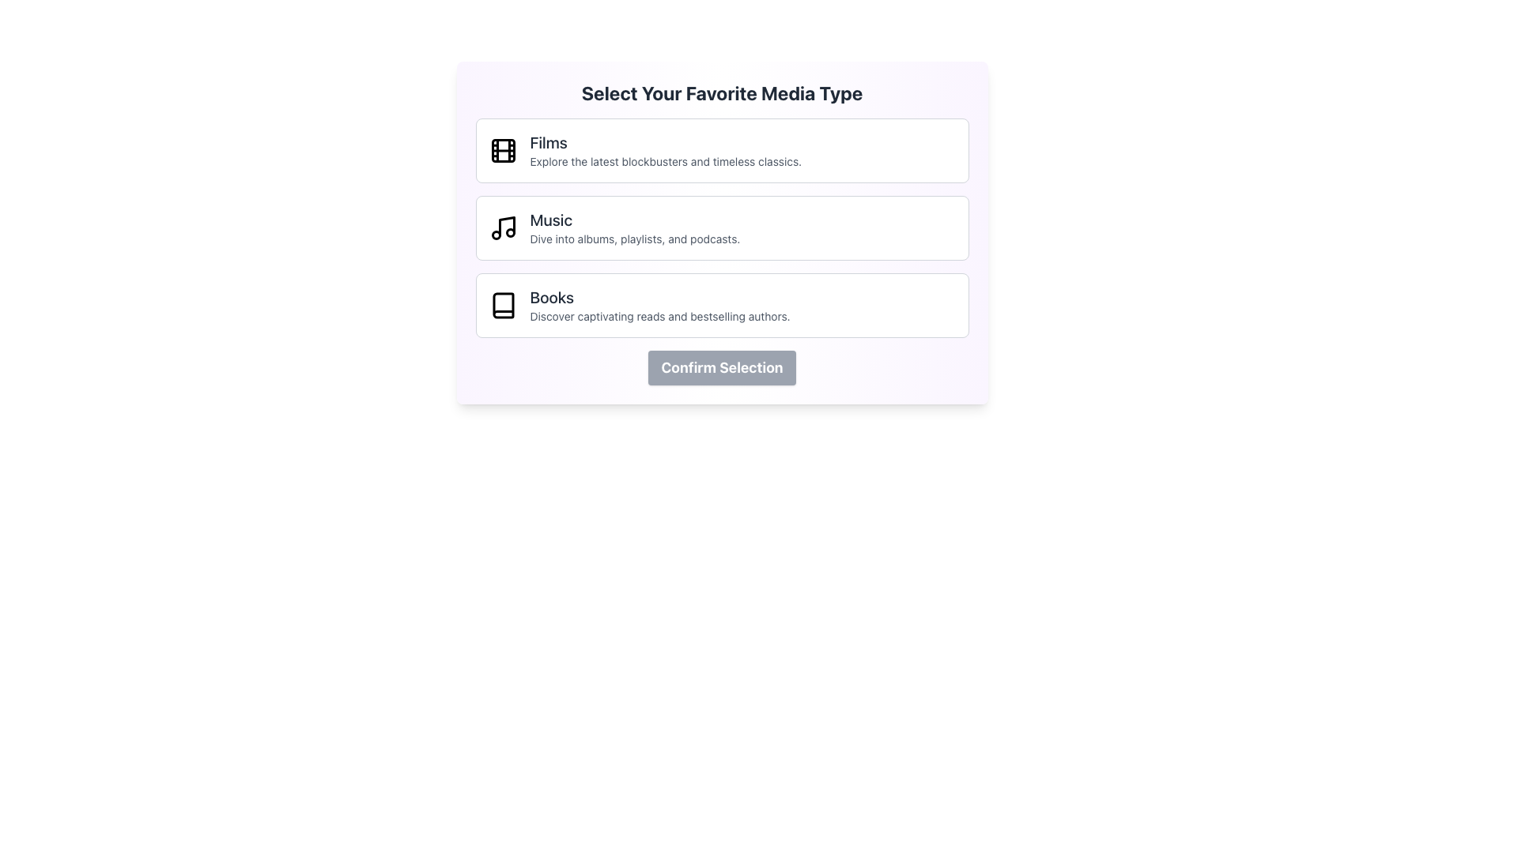 The height and width of the screenshot is (853, 1518). Describe the element at coordinates (495, 235) in the screenshot. I see `the small circular node associated with the music note icon in the 'Music' section of the selection menu` at that location.